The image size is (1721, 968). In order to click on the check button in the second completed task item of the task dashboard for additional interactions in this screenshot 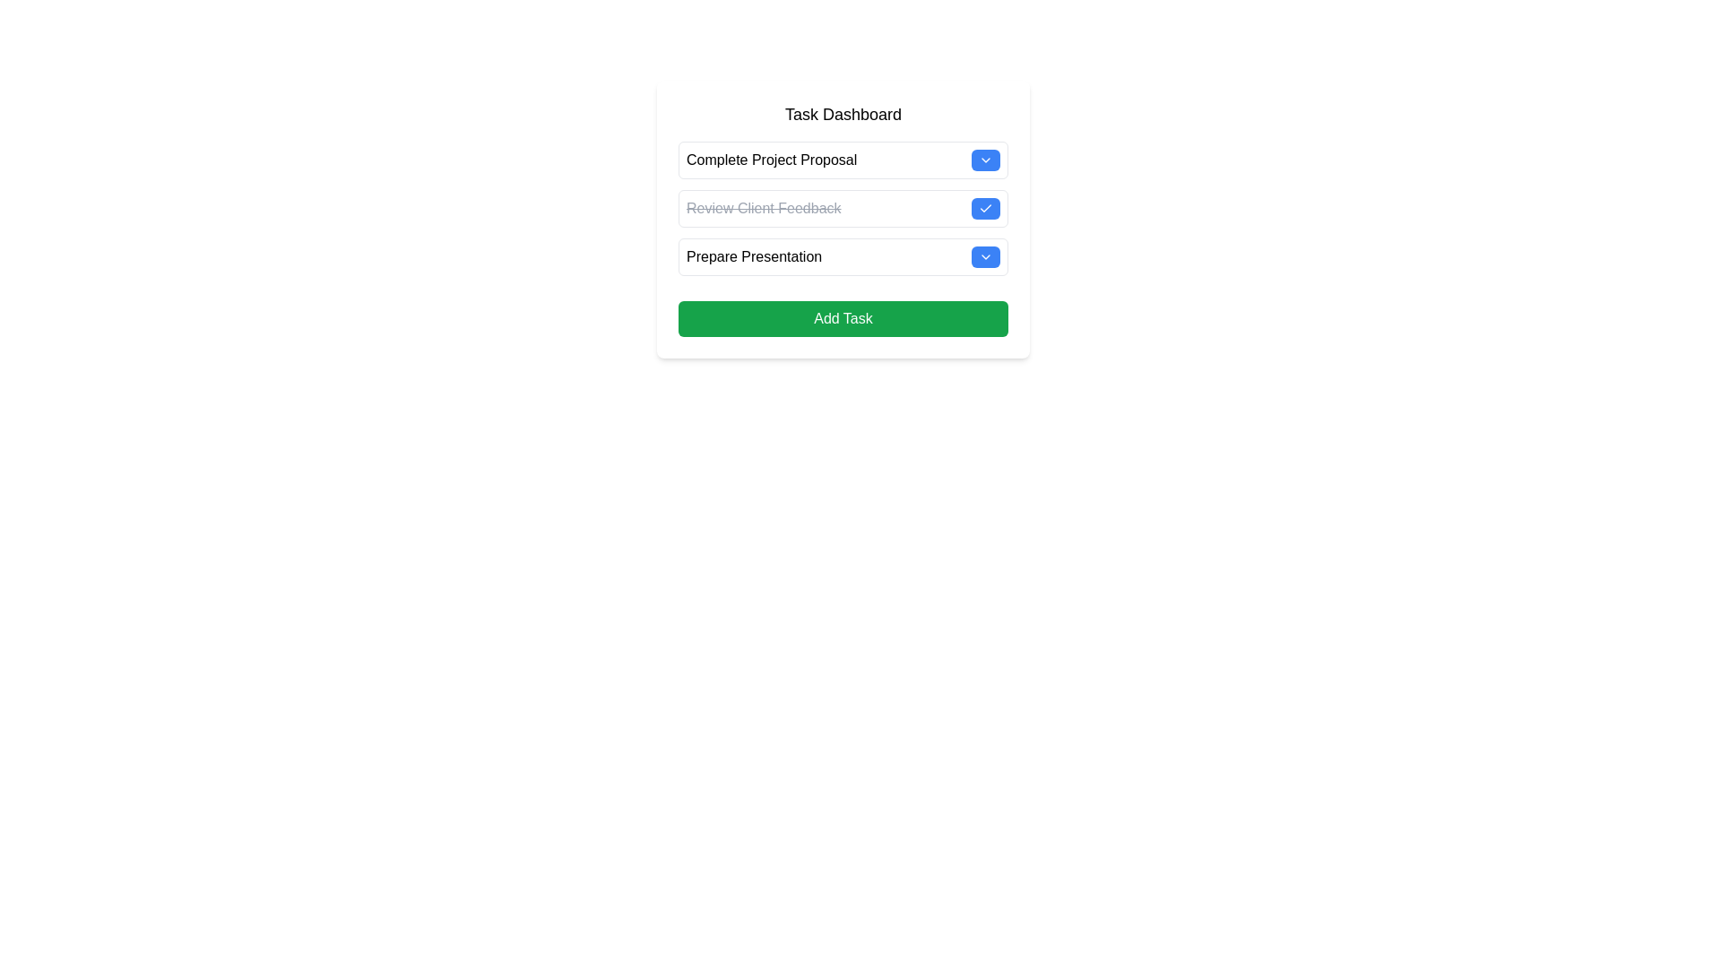, I will do `click(842, 219)`.